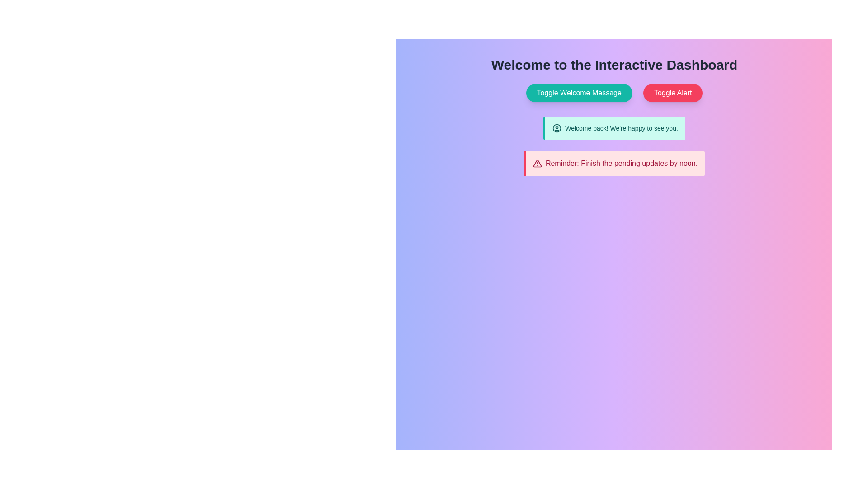  What do you see at coordinates (615, 128) in the screenshot?
I see `the text element displaying the message 'Welcome back! We're happy to see you.' which is accompanied by a user profile icon on its left side` at bounding box center [615, 128].